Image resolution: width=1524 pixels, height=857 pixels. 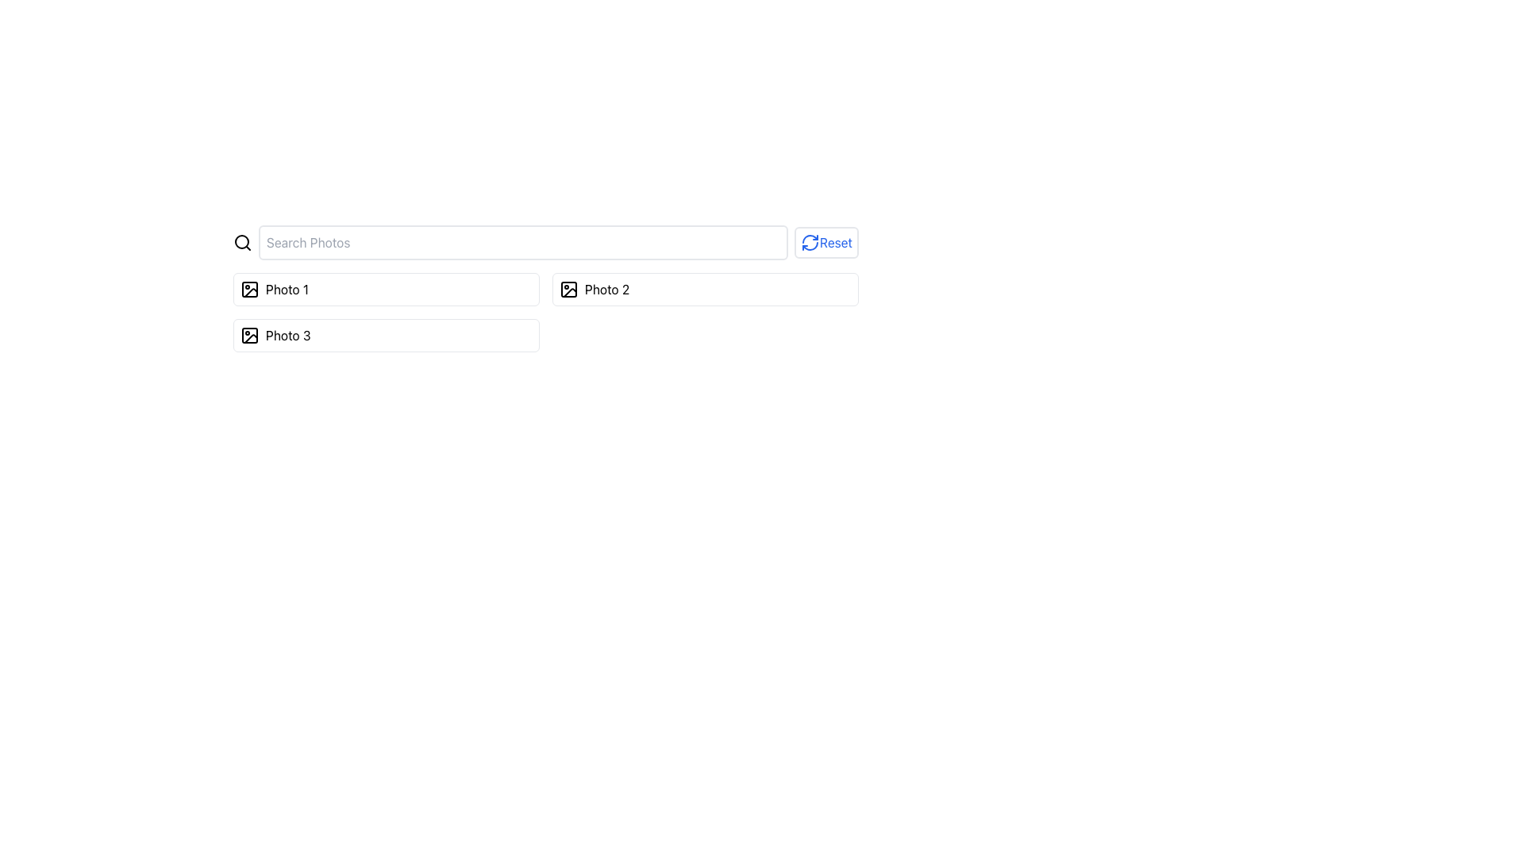 What do you see at coordinates (249, 290) in the screenshot?
I see `the image icon located in the top-left corner of the 'Photo 1' button within the photo selection panel` at bounding box center [249, 290].